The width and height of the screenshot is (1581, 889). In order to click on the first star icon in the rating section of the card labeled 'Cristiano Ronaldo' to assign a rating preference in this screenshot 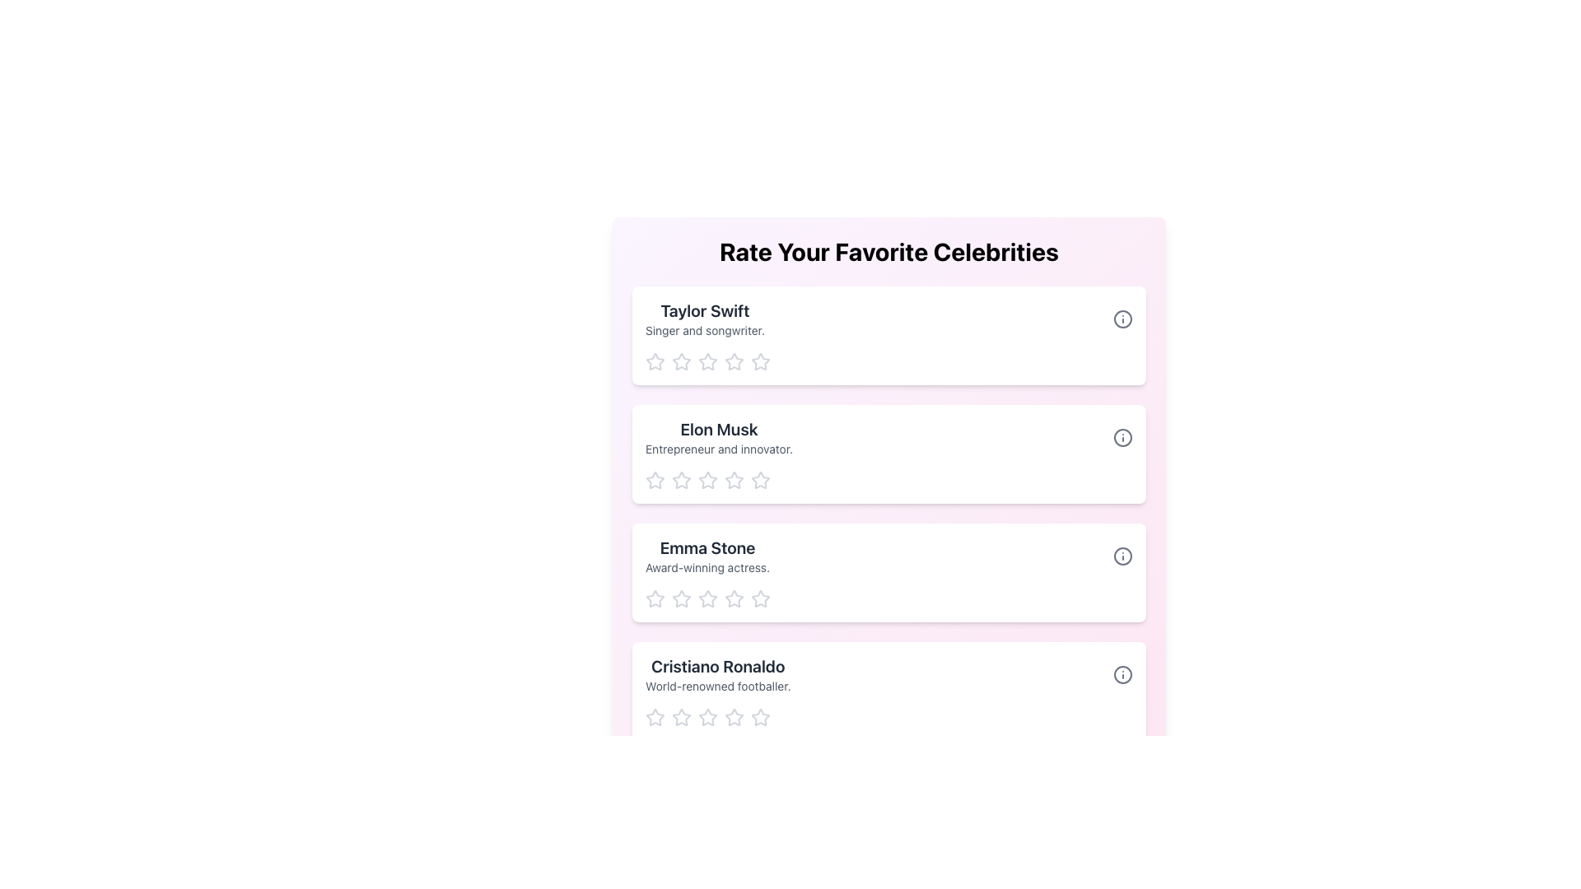, I will do `click(655, 716)`.